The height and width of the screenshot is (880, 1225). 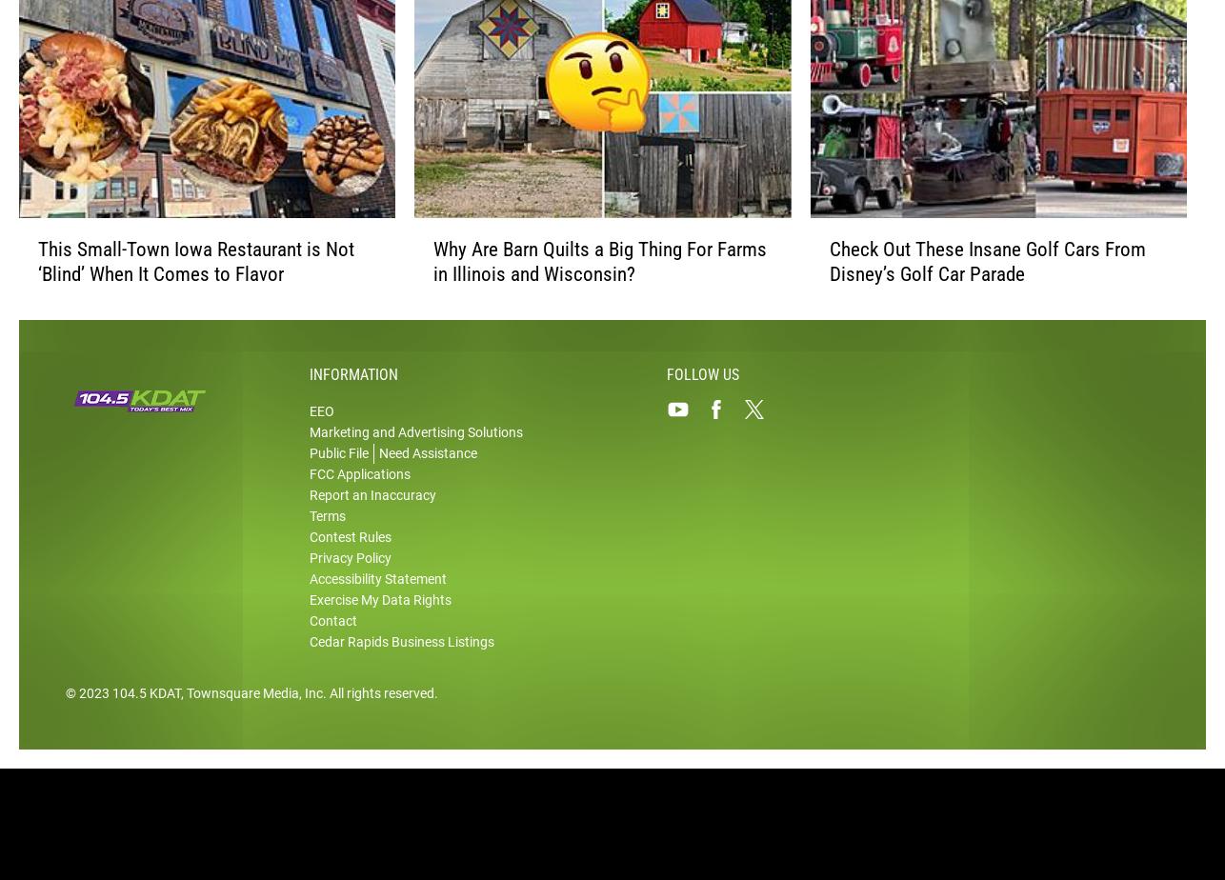 What do you see at coordinates (327, 546) in the screenshot?
I see `'Terms'` at bounding box center [327, 546].